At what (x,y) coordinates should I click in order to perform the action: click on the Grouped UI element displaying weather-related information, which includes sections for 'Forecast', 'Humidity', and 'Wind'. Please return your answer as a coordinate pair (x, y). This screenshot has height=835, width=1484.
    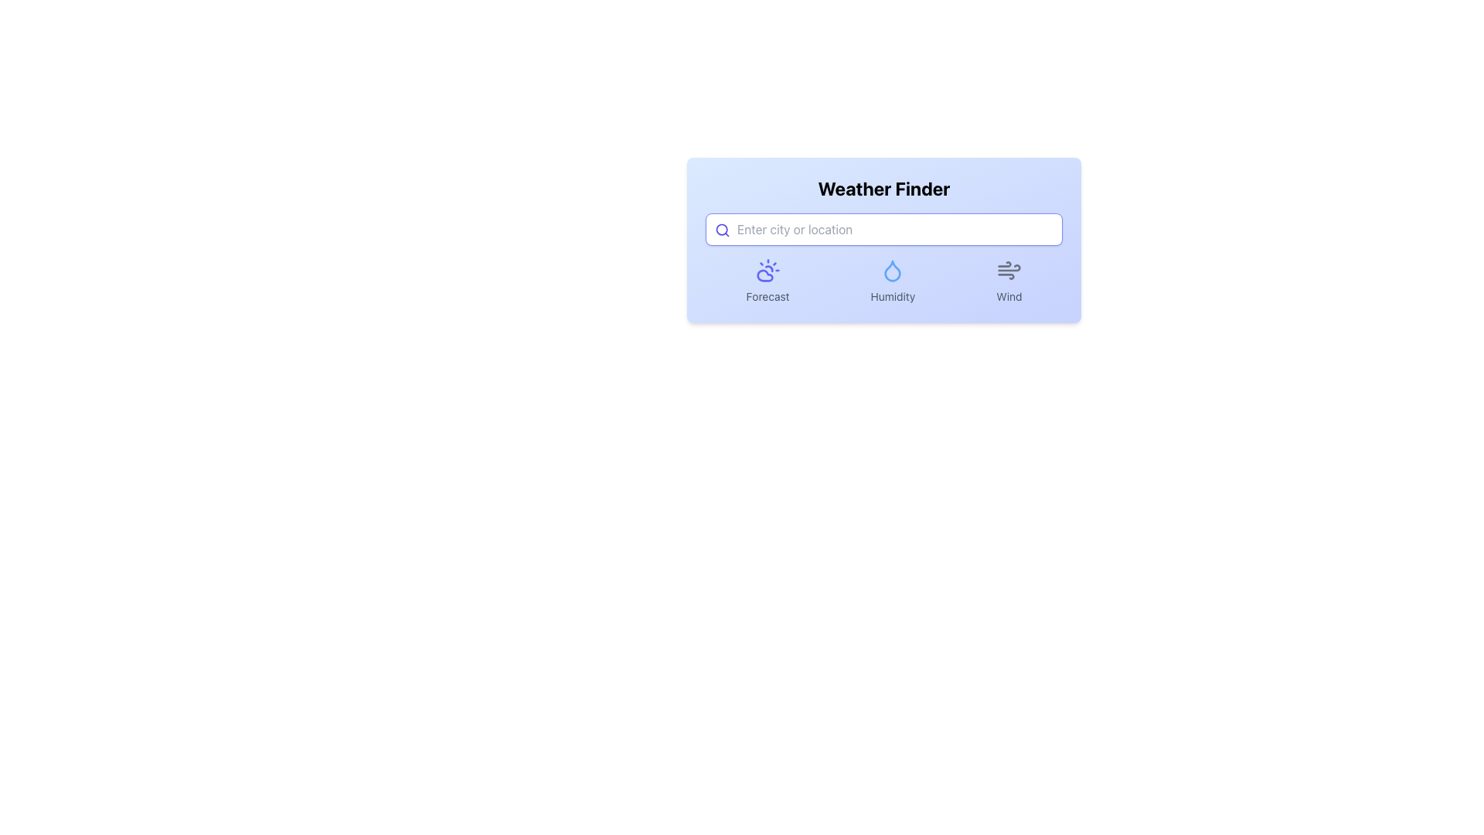
    Looking at the image, I should click on (883, 281).